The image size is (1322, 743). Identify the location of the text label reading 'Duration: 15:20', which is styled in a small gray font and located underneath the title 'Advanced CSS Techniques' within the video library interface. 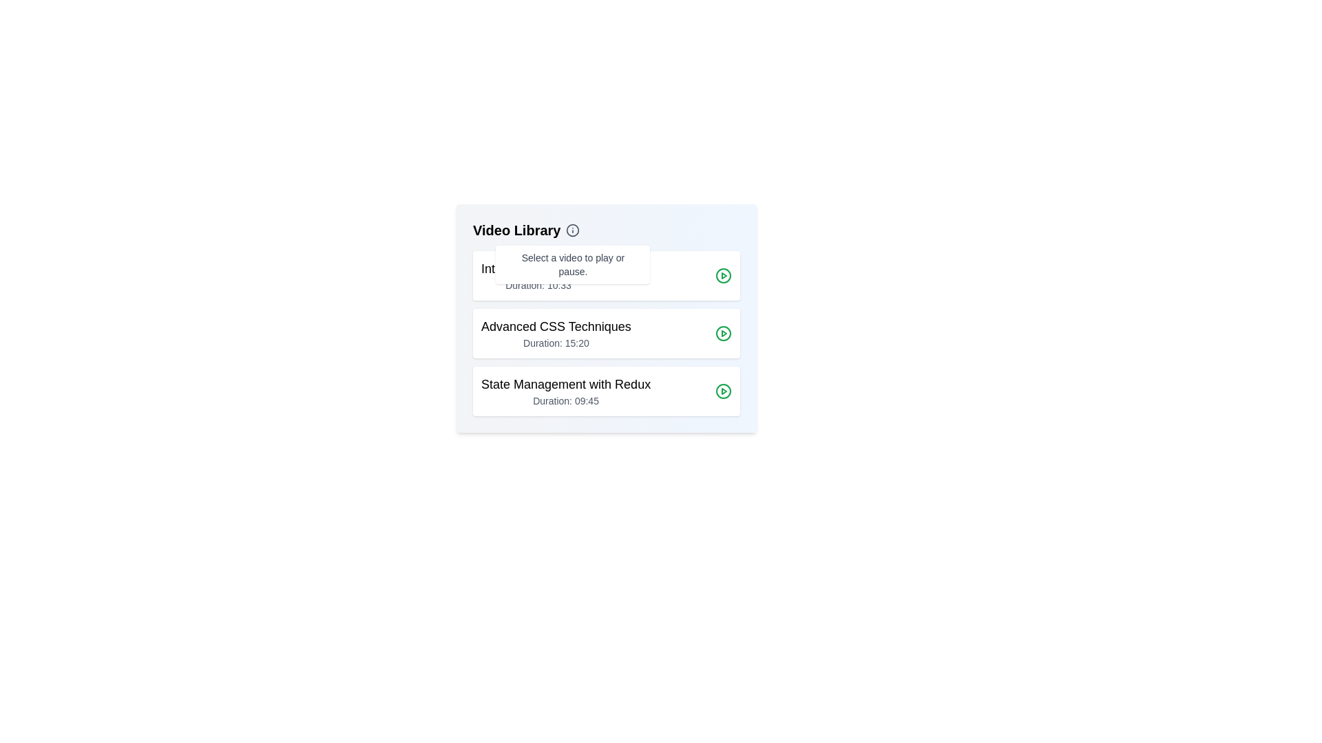
(556, 342).